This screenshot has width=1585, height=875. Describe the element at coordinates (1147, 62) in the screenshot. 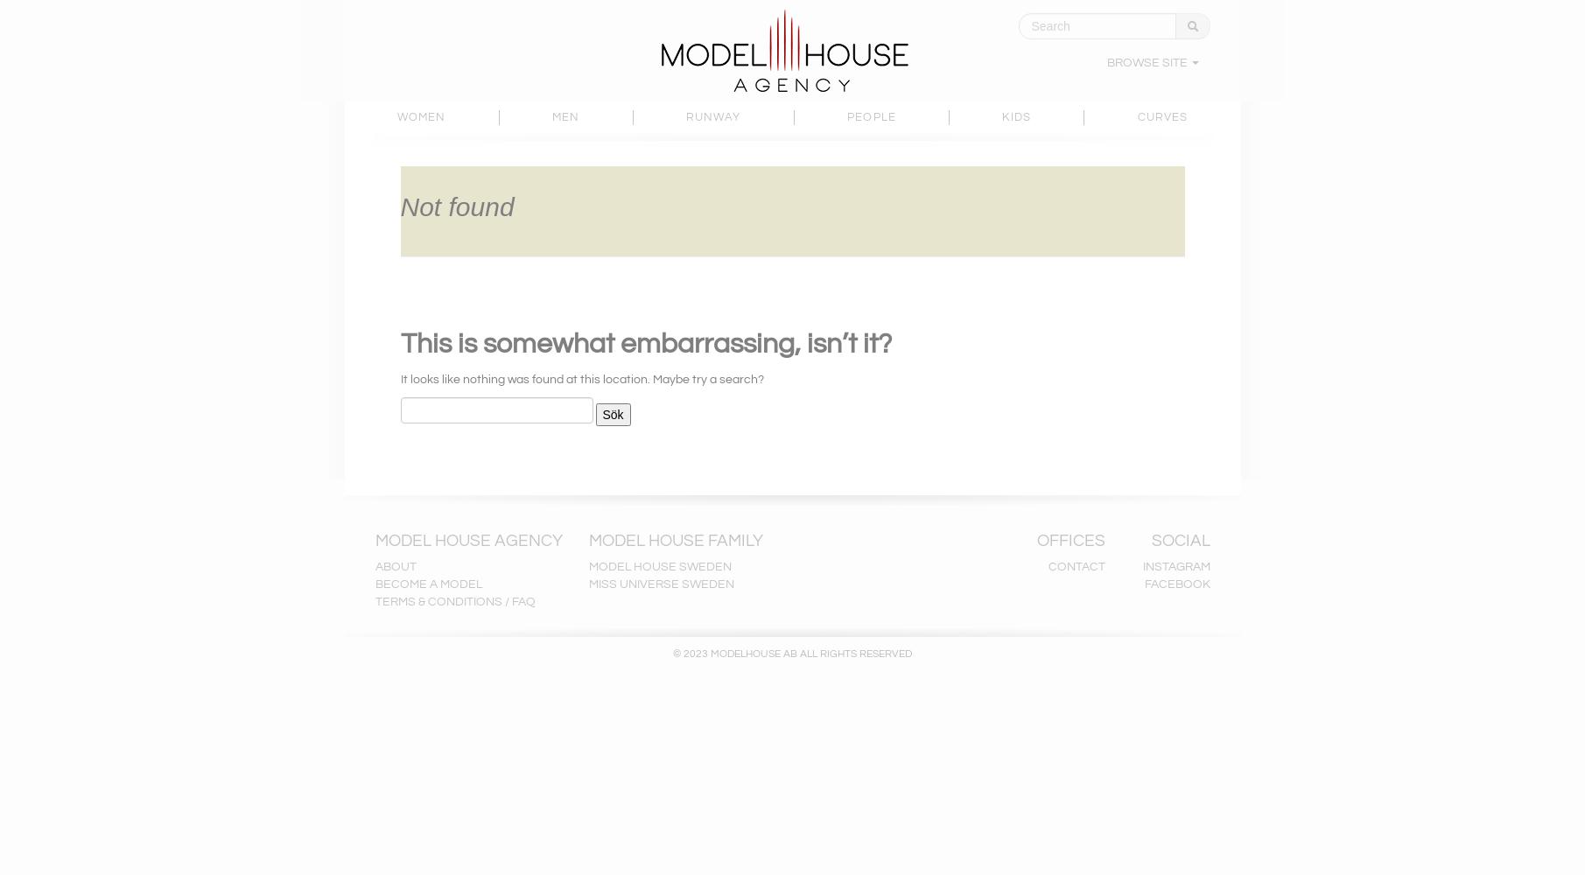

I see `'BROWSE SITE'` at that location.